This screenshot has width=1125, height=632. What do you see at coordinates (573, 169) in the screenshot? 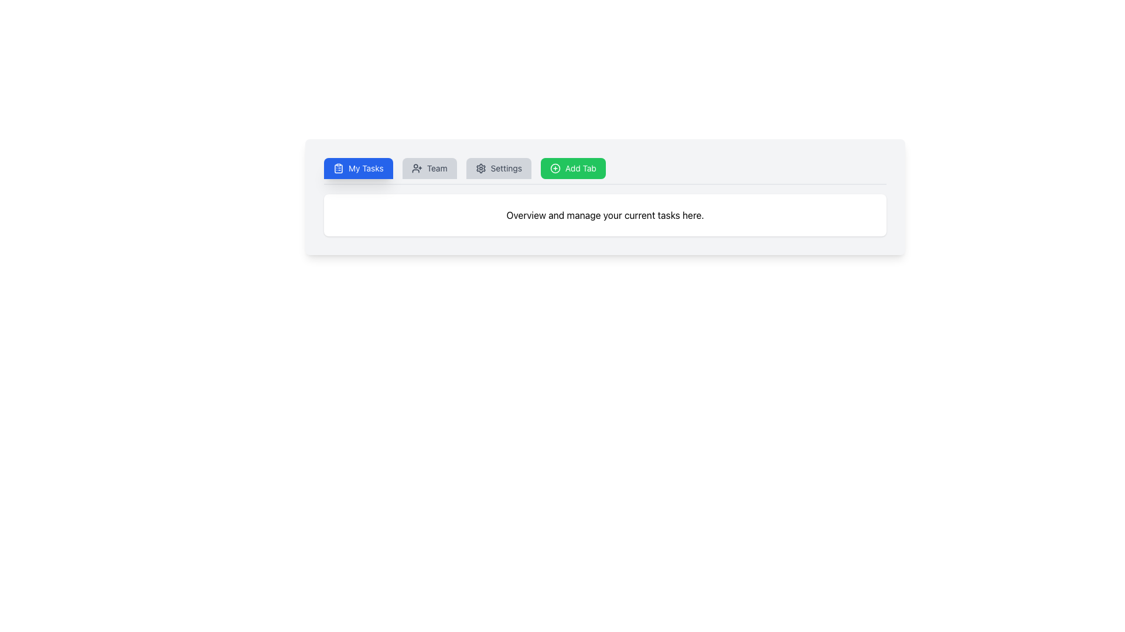
I see `the 'Add Tab' button, which is a rectangular button with rounded corners, green background, and white text, located at the far right of the top navigation bar` at bounding box center [573, 169].